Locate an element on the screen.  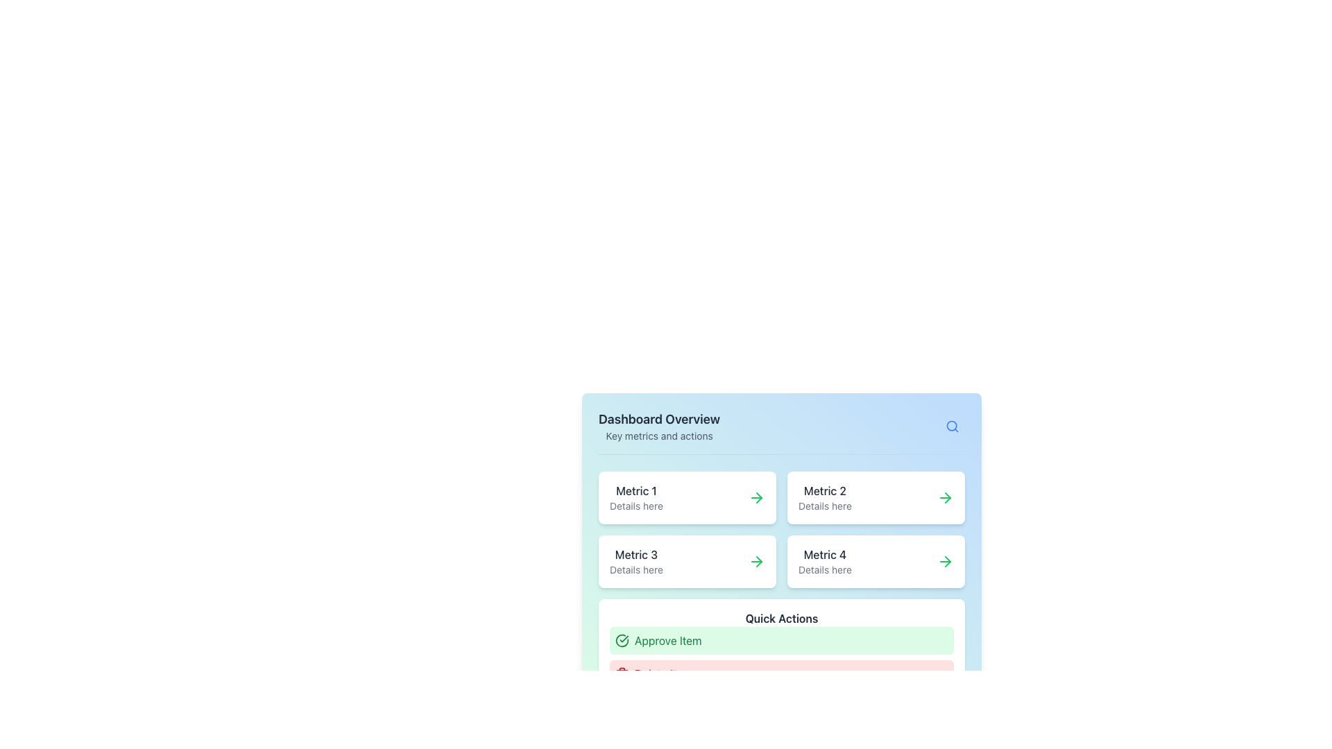
text label located below the 'Dashboard Overview' that provides a summary of the dashboard metrics and actions is located at coordinates (658, 435).